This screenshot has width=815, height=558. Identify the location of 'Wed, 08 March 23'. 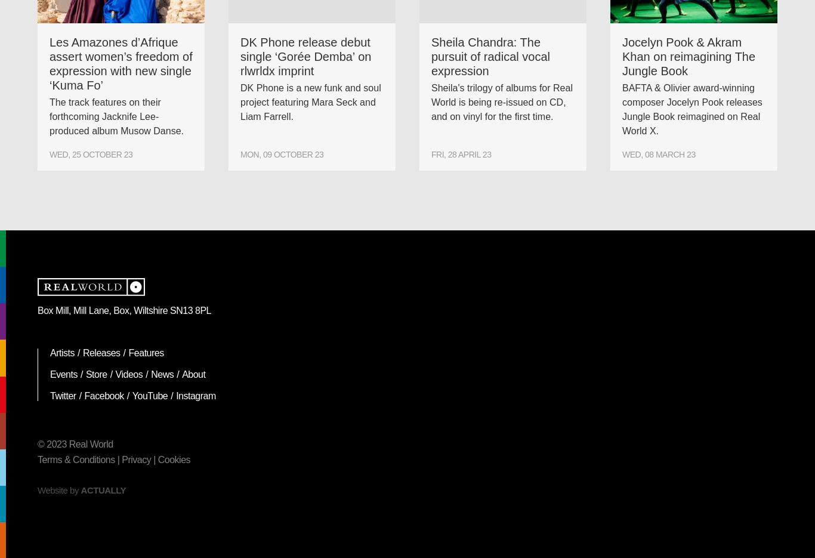
(658, 153).